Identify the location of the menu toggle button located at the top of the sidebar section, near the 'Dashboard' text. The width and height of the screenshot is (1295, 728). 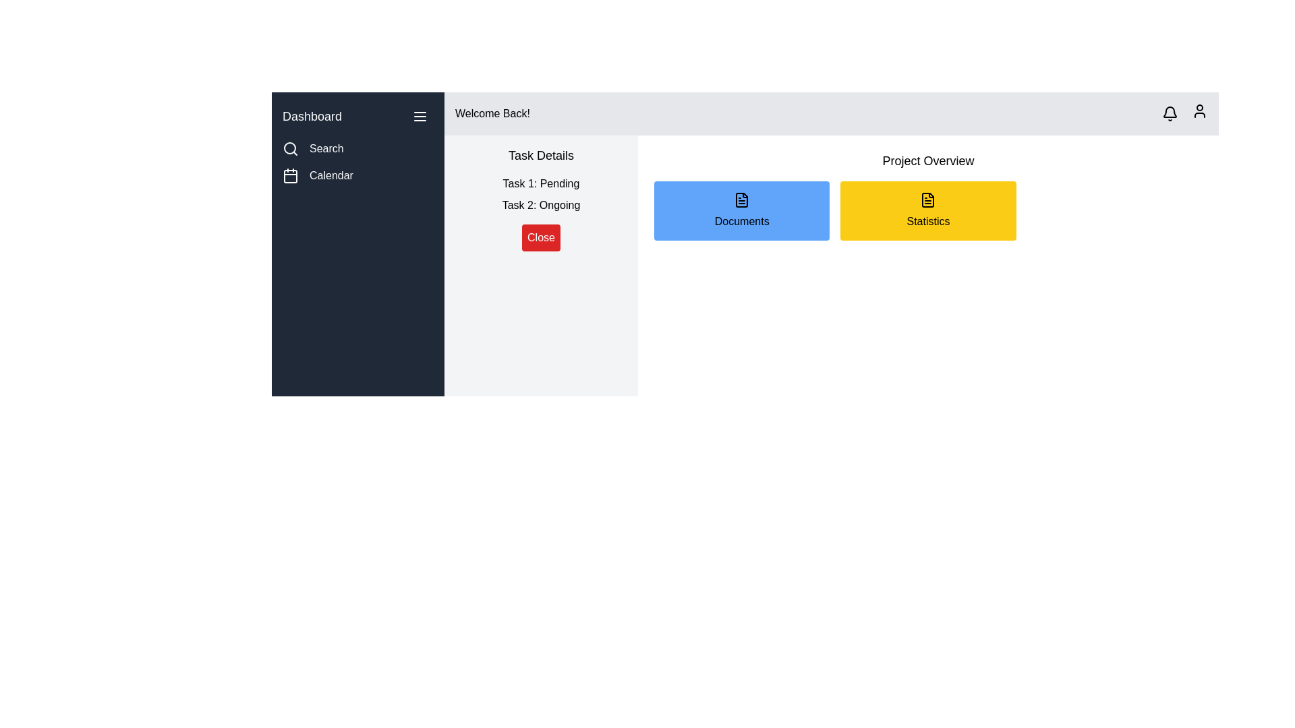
(420, 116).